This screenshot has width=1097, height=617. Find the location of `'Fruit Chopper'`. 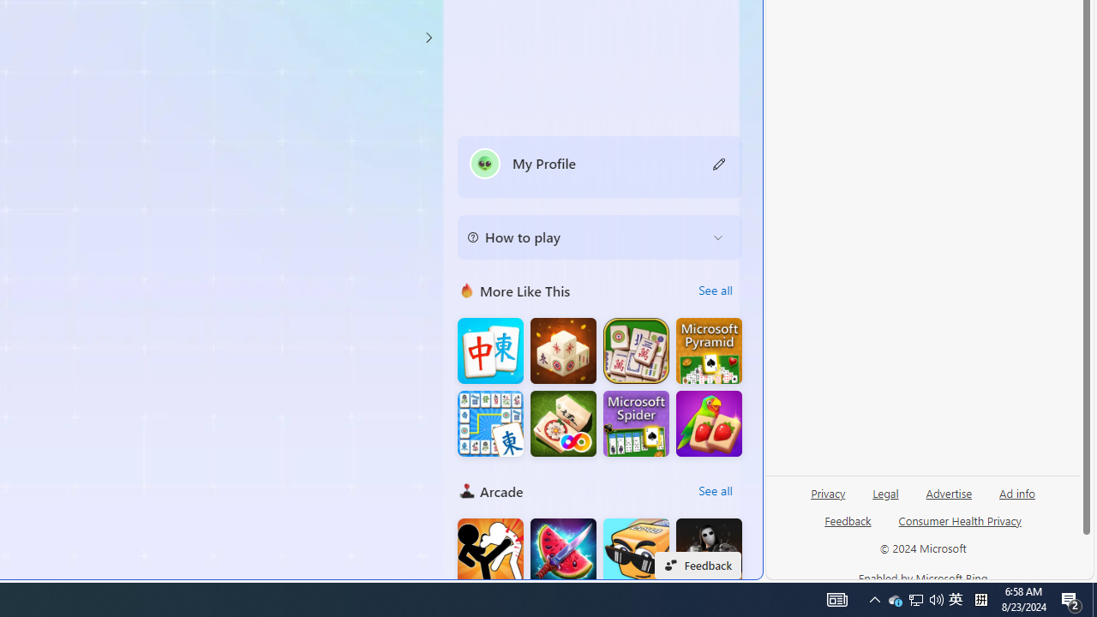

'Fruit Chopper' is located at coordinates (563, 551).